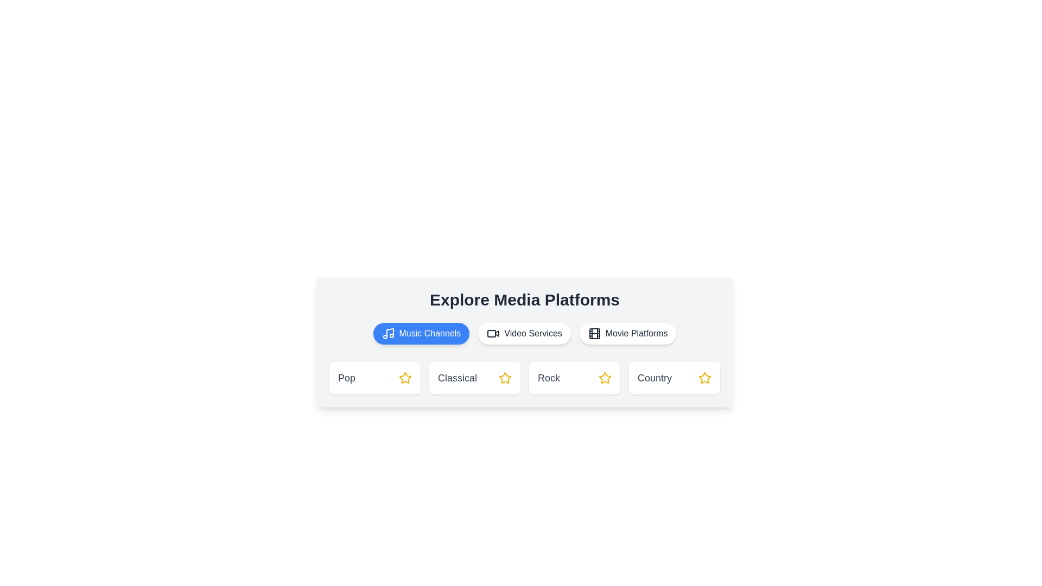 The image size is (1042, 586). Describe the element at coordinates (491, 333) in the screenshot. I see `the rounded rectangle element inside the SVG media player icon, which is styled with a stroke and no fill` at that location.